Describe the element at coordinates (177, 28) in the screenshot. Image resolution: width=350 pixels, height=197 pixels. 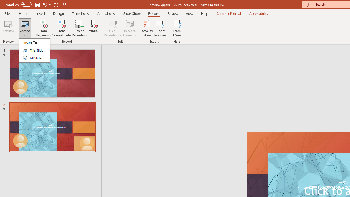
I see `'Learn More'` at that location.